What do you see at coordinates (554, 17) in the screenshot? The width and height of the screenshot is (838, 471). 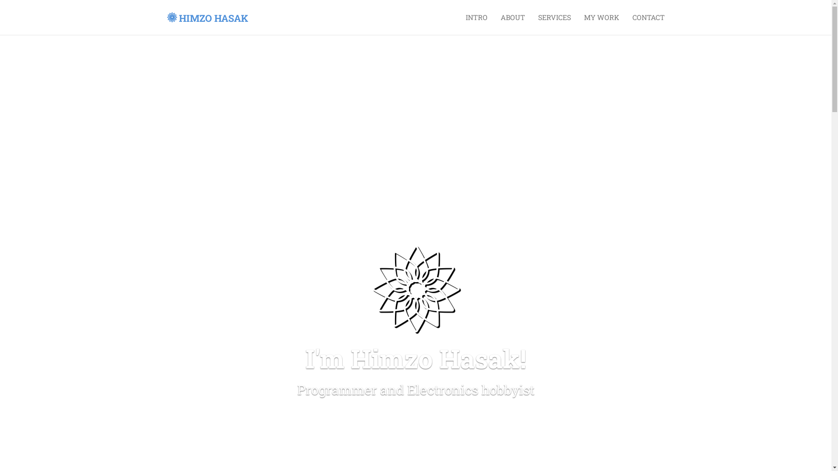 I see `'SERVICES'` at bounding box center [554, 17].